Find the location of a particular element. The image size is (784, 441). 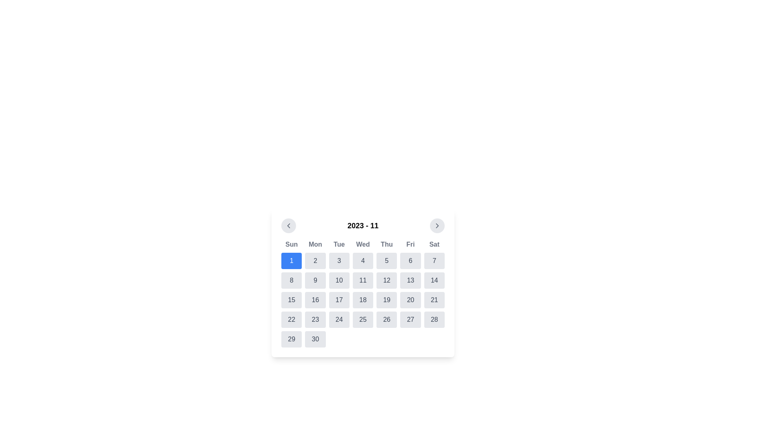

the IconButton with a right-pointing arrow icon located at the far right corner of the calendar's header section is located at coordinates (437, 225).